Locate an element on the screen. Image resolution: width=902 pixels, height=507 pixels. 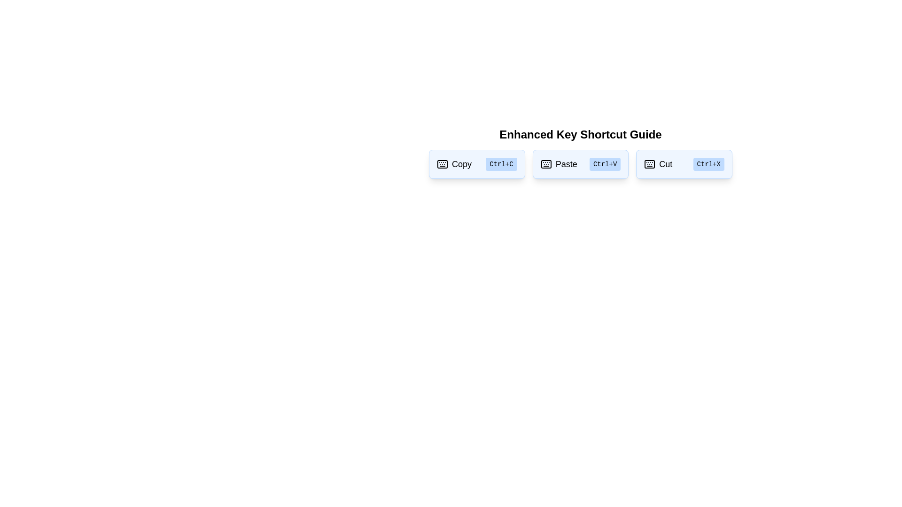
the 'Paste' text label with the associated keyboard icon, which is the second element in a horizontal row of similar elements, visually aligned centrally within its light blue rounded background is located at coordinates (559, 164).